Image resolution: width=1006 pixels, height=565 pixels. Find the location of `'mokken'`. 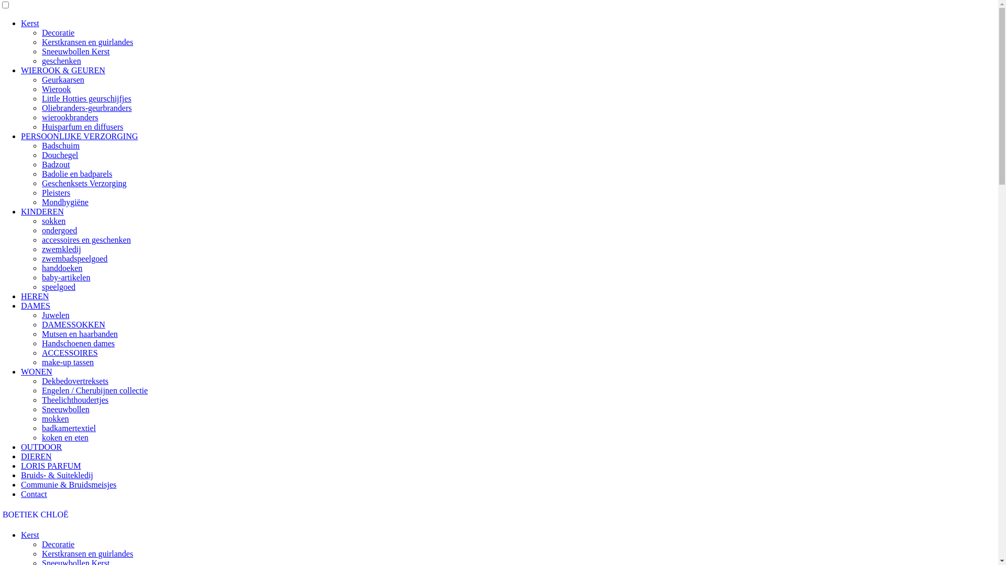

'mokken' is located at coordinates (54, 418).